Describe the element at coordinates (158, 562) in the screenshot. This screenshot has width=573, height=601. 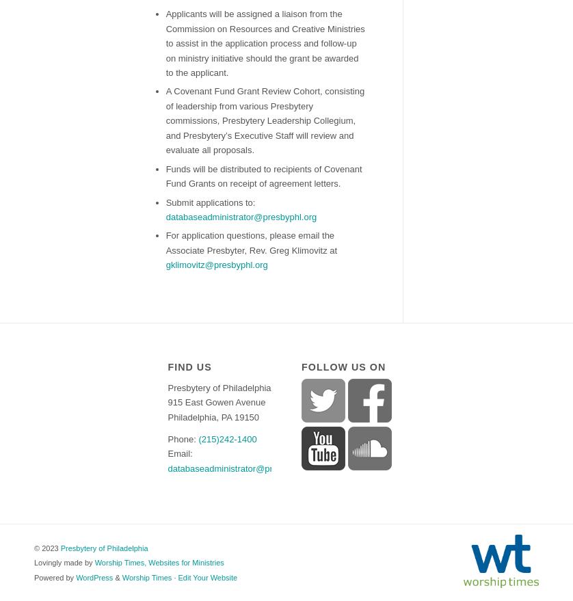
I see `'Worship Times, Websites for
                    Ministries'` at that location.